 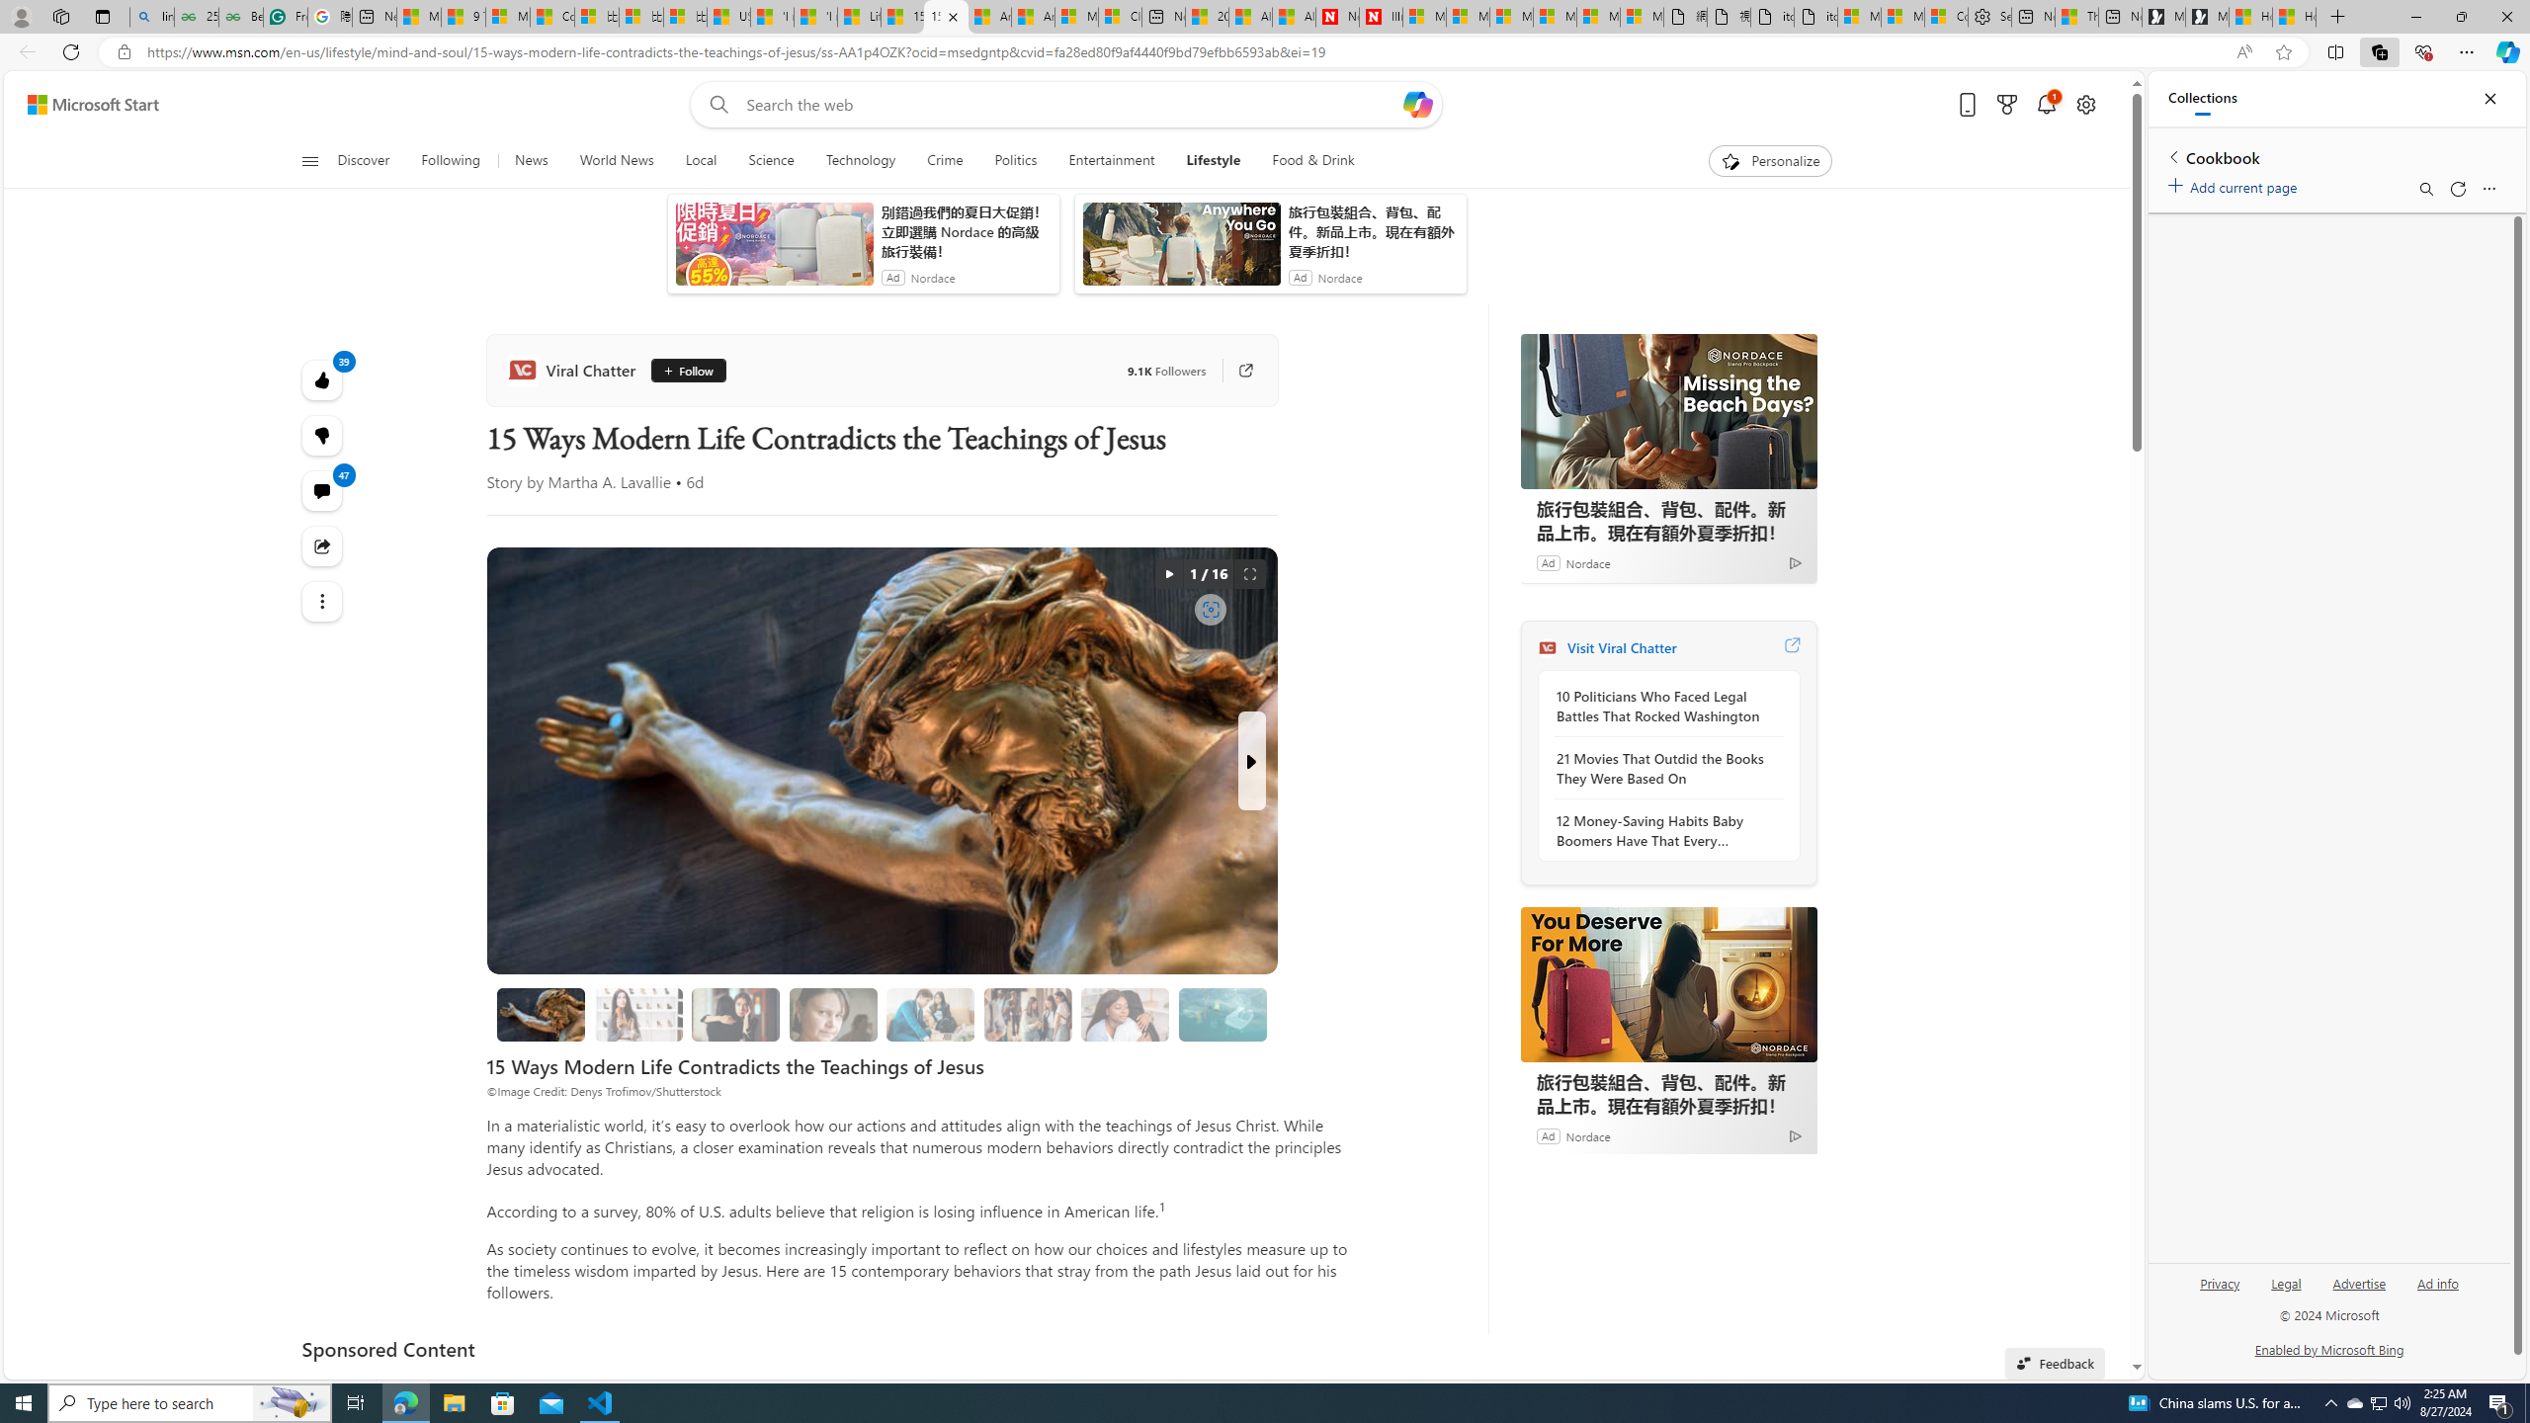 What do you see at coordinates (2207, 16) in the screenshot?
I see `'Microsoft Start Gaming'` at bounding box center [2207, 16].